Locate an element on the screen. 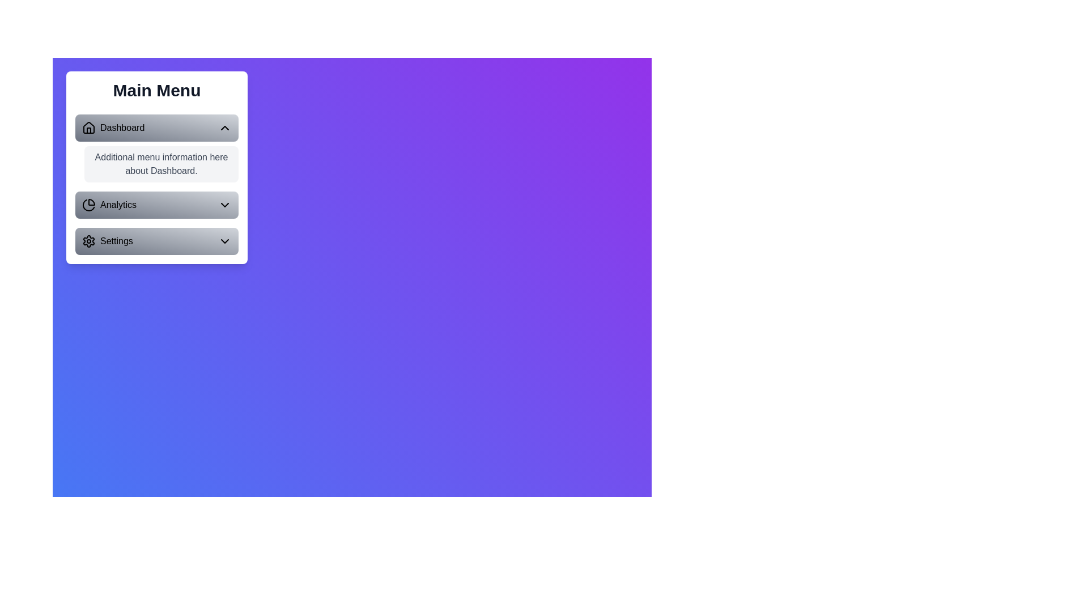 Image resolution: width=1088 pixels, height=612 pixels. the 'Settings' text label located to the right of the gear icon in the central menu with a purple background is located at coordinates (116, 240).